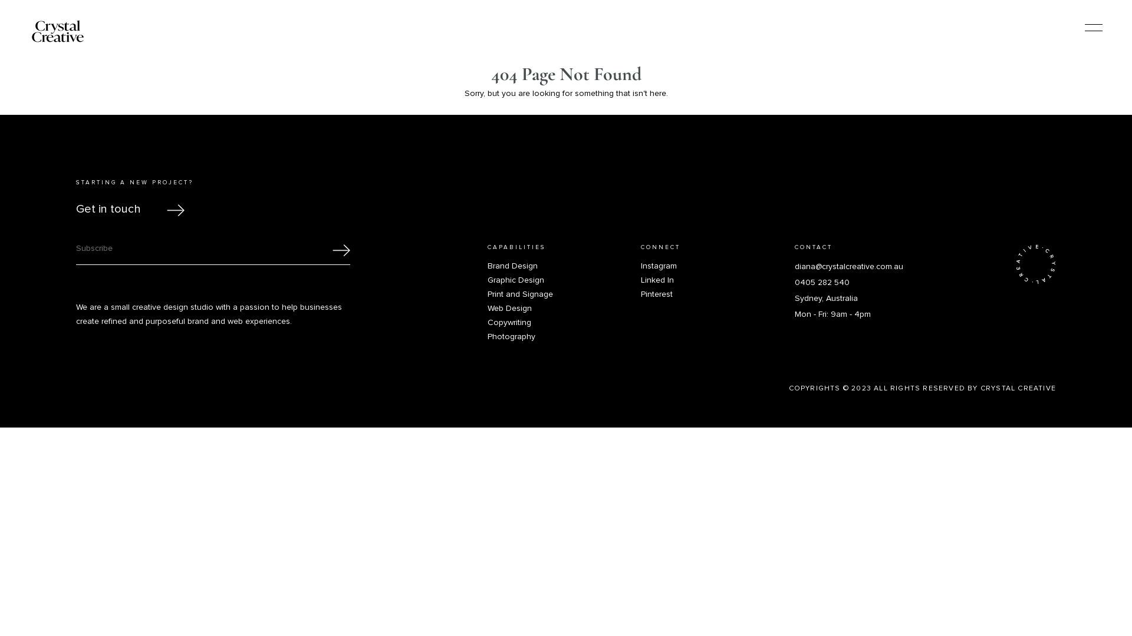 The image size is (1132, 636). Describe the element at coordinates (563, 266) in the screenshot. I see `'Brand Design'` at that location.